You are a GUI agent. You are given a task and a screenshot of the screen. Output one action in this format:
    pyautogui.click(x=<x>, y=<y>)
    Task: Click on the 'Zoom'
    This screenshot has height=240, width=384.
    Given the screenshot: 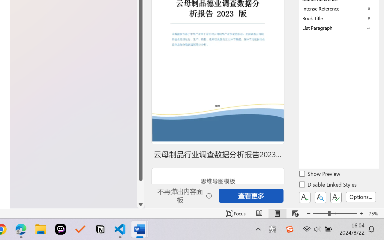 What is the action you would take?
    pyautogui.click(x=334, y=213)
    